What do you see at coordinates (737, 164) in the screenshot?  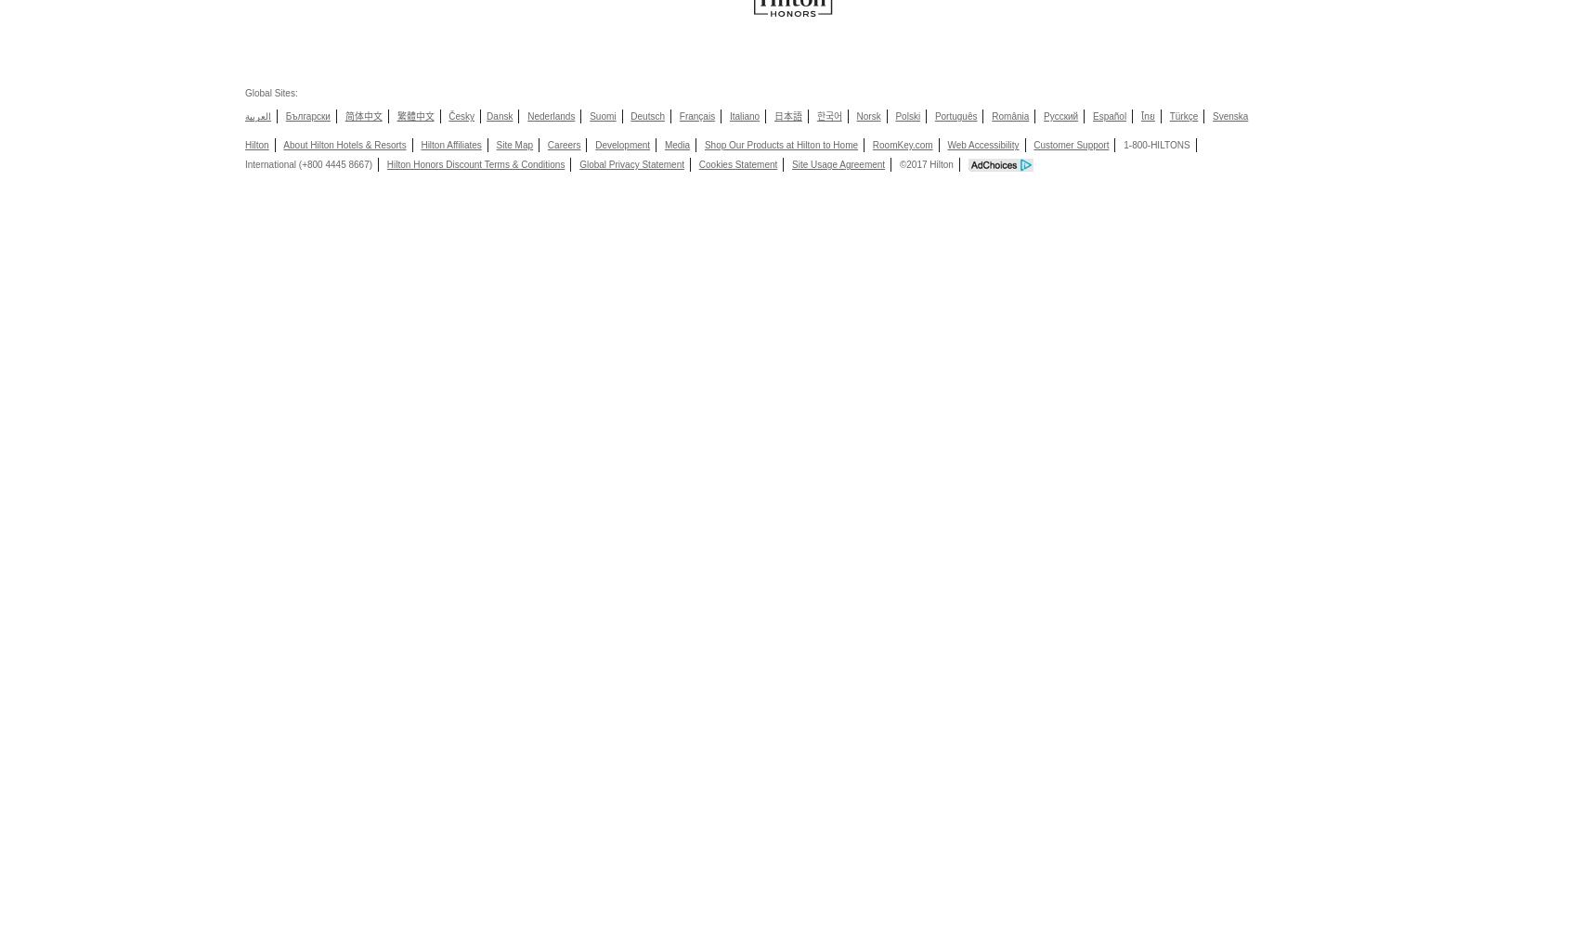 I see `'Cookies Statement'` at bounding box center [737, 164].